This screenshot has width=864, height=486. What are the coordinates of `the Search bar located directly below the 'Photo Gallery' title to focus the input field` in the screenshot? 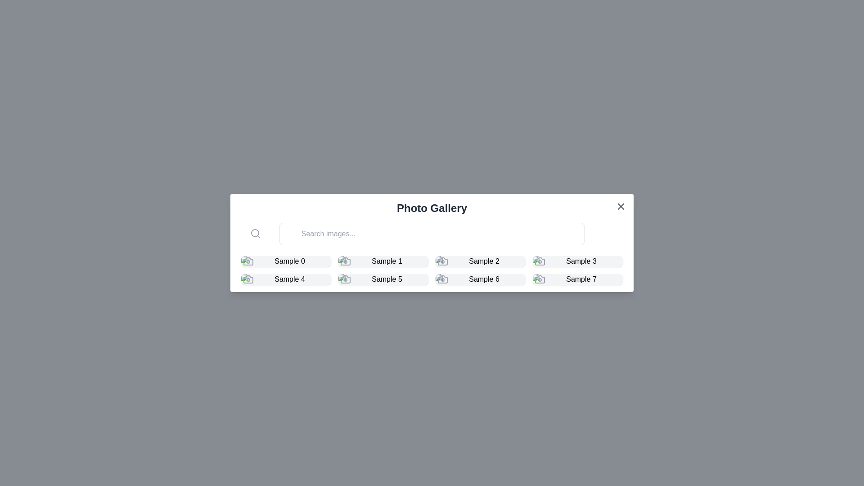 It's located at (432, 234).